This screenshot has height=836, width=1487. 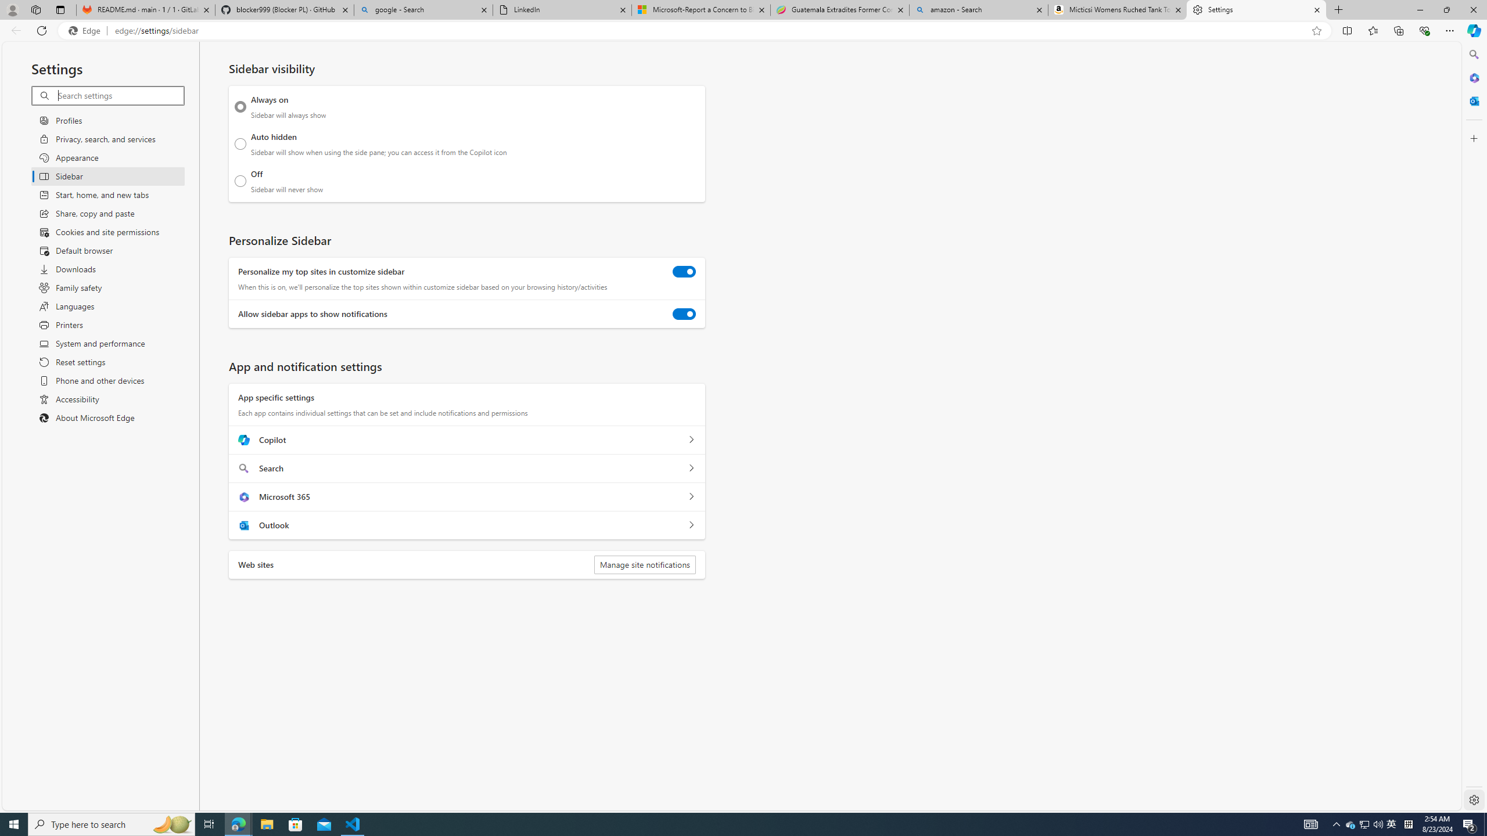 What do you see at coordinates (120, 95) in the screenshot?
I see `'Search settings'` at bounding box center [120, 95].